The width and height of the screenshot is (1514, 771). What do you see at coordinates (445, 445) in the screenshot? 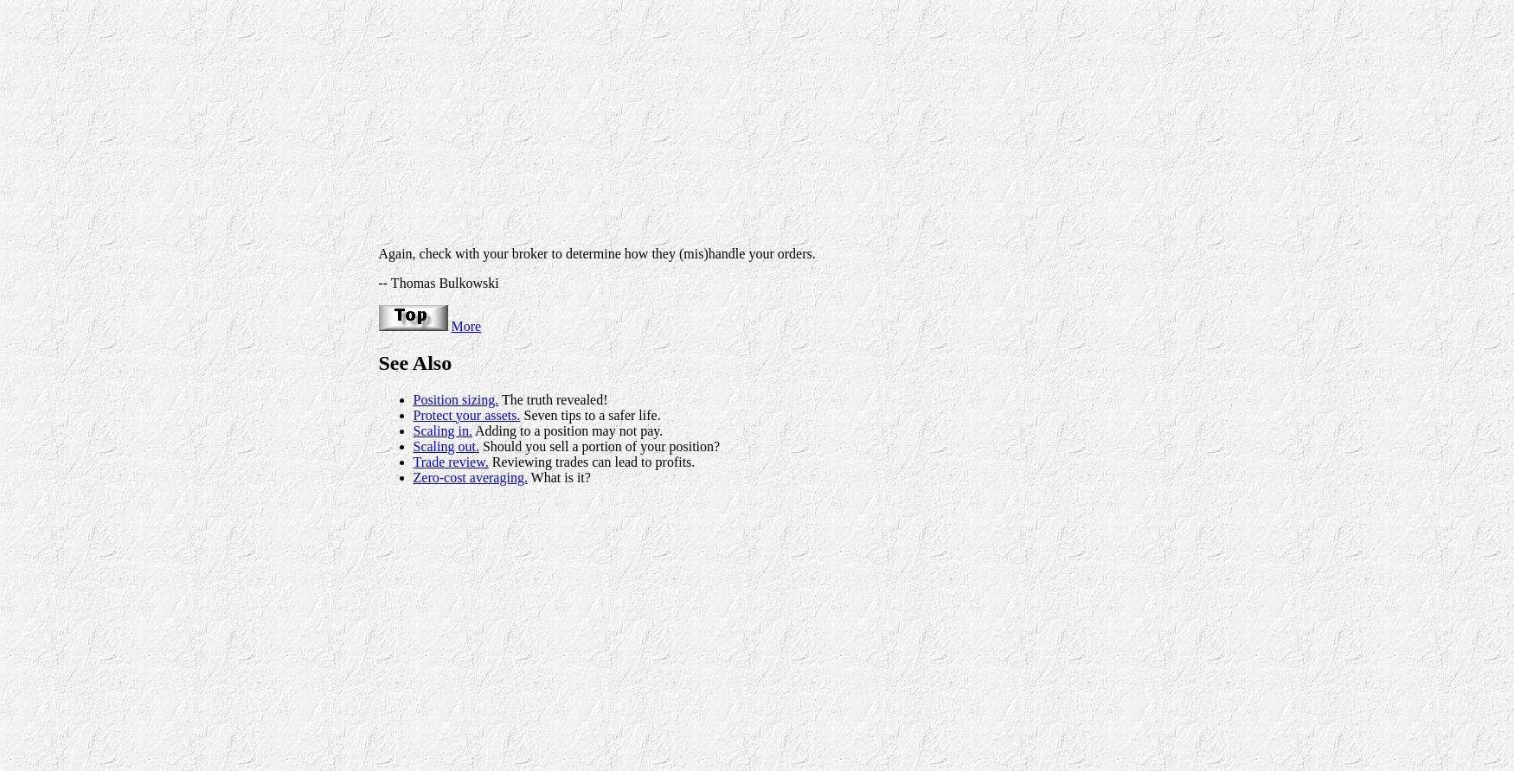
I see `'Scaling out.'` at bounding box center [445, 445].